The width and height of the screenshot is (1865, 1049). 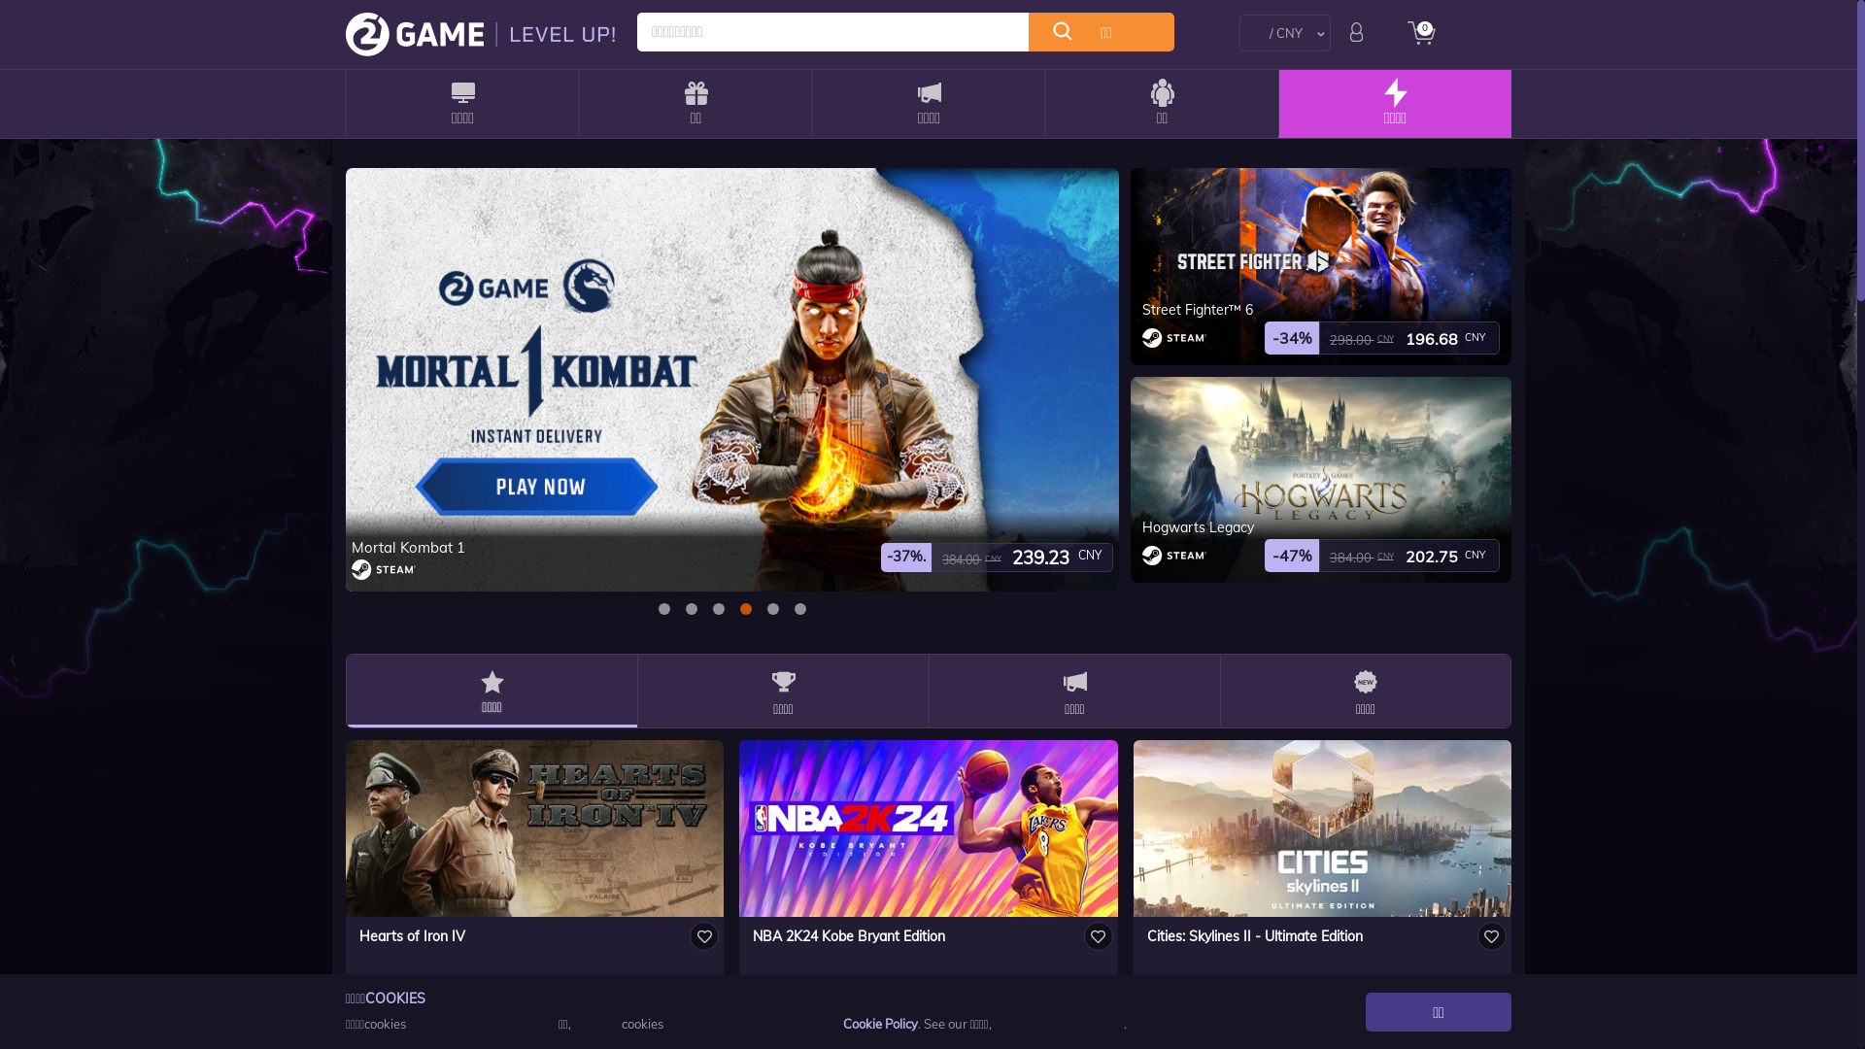 What do you see at coordinates (848, 935) in the screenshot?
I see `'NBA 2K24 Kobe Bryant Edition'` at bounding box center [848, 935].